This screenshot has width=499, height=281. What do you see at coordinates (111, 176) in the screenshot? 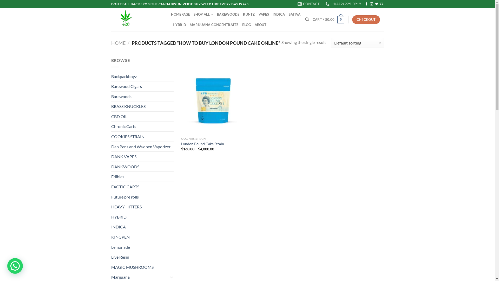
I see `'Edibles'` at bounding box center [111, 176].